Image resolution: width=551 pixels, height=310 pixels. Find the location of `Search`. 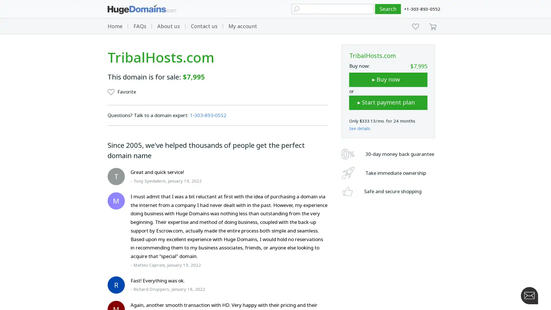

Search is located at coordinates (388, 9).